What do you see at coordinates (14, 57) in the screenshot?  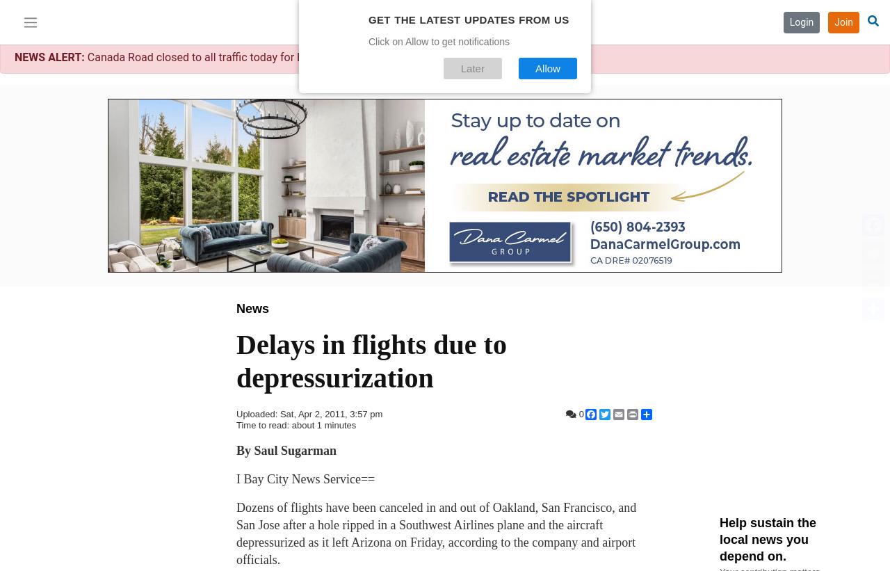 I see `'NEWS ALERT:'` at bounding box center [14, 57].